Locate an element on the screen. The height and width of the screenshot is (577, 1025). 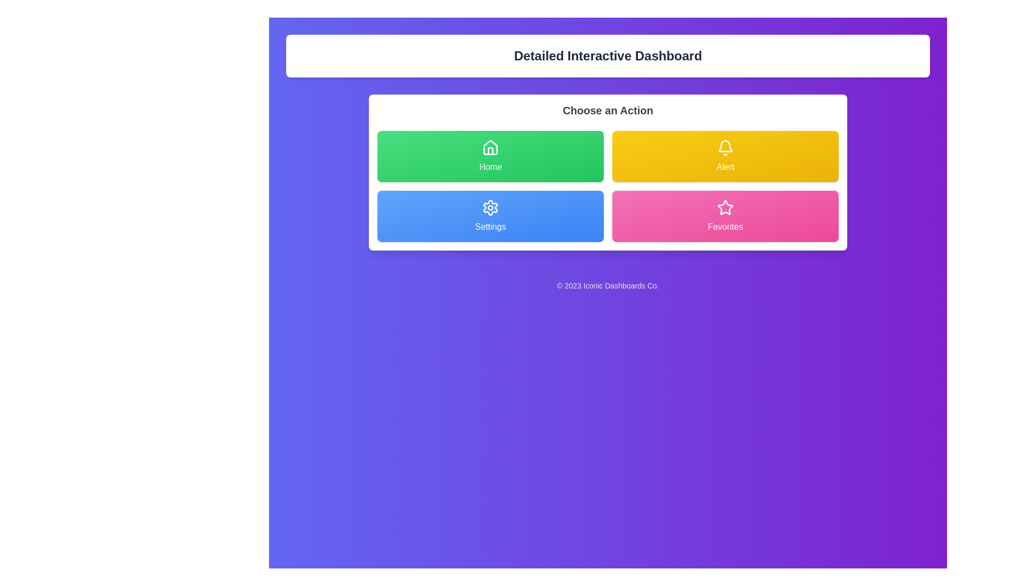
the house icon located in the top left button of the 'Choose an Action' interface, which is a minimalist design with white lines on a green background, centered above the text 'Home' is located at coordinates (490, 148).